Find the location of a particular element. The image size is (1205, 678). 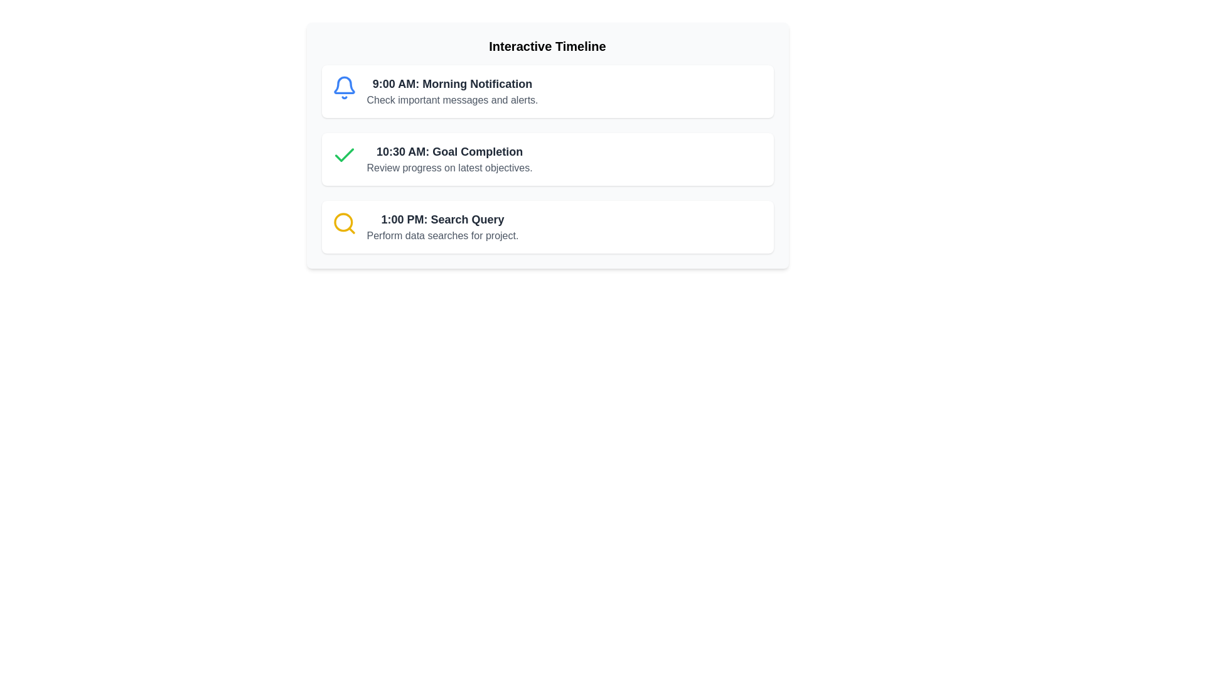

the checkmark icon which indicates the completion of the '10:30 AM: Goal Completion' task, located within the second item of the interactive timeline is located at coordinates (344, 154).